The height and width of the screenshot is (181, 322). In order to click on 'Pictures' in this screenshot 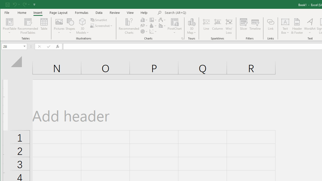, I will do `click(59, 26)`.